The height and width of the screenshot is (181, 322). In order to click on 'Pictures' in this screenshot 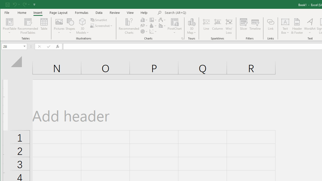, I will do `click(59, 26)`.